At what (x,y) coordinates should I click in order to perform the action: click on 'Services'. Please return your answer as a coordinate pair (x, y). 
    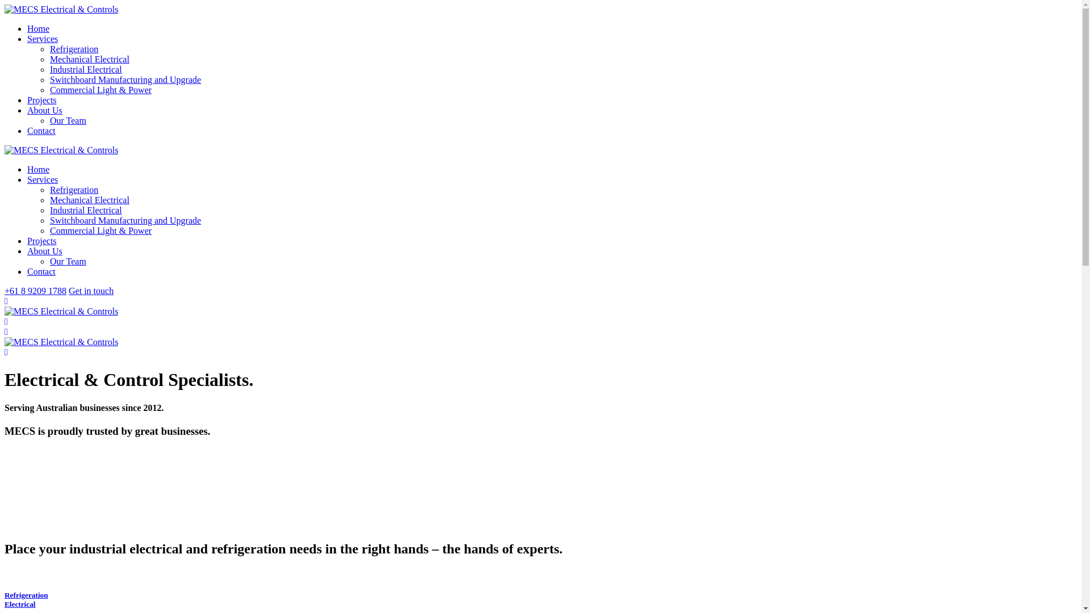
    Looking at the image, I should click on (43, 179).